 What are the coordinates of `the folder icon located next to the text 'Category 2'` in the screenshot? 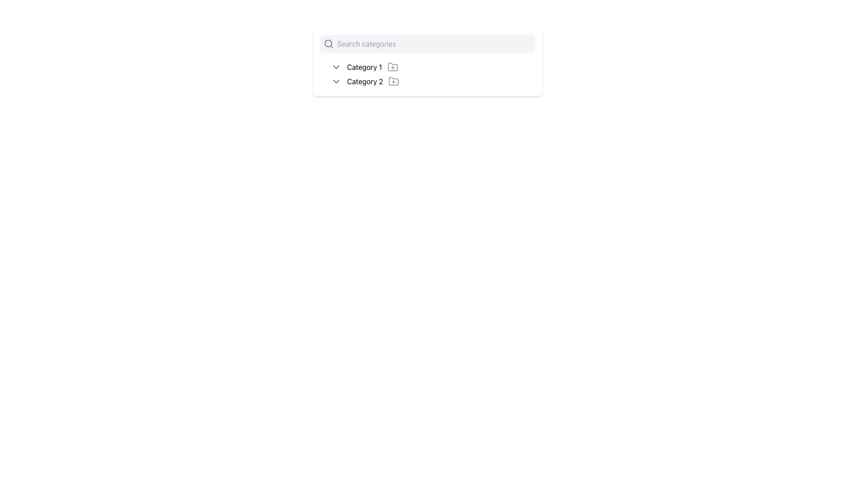 It's located at (394, 81).